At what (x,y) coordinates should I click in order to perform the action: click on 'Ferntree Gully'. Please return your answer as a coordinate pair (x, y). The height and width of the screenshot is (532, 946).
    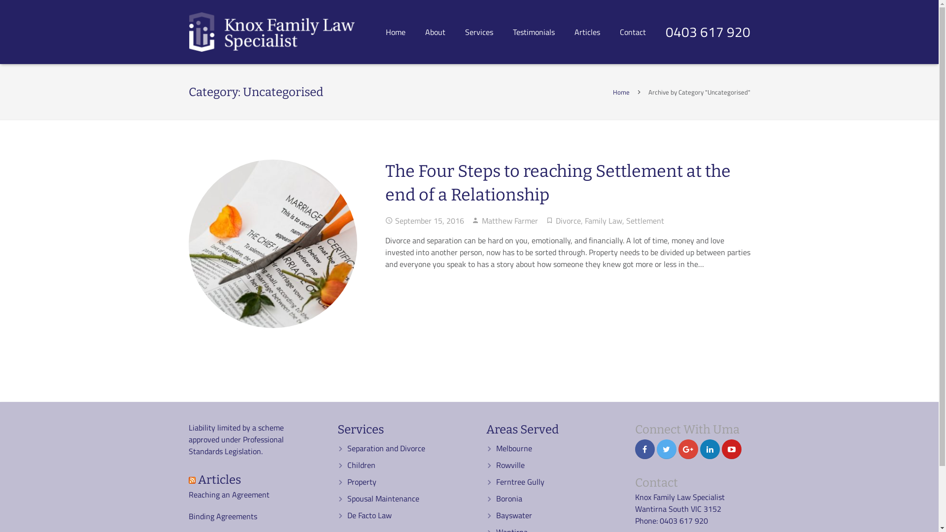
    Looking at the image, I should click on (520, 481).